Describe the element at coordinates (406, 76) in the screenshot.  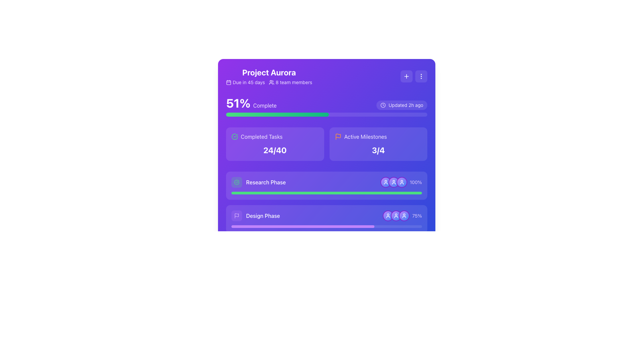
I see `the inner white icon within the rounded square button at the far right of the top row of the card` at that location.